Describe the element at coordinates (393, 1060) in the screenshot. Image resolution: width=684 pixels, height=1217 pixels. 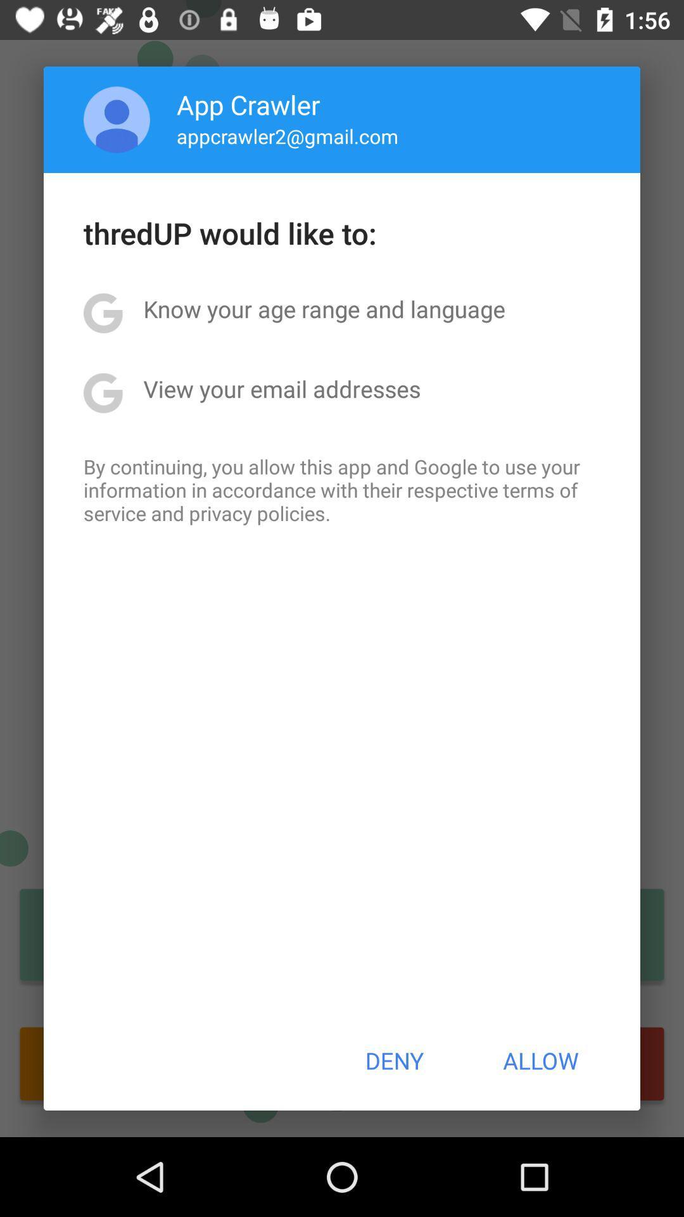
I see `item next to the allow button` at that location.